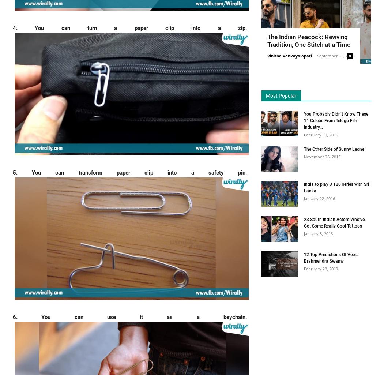 The image size is (384, 375). What do you see at coordinates (321, 156) in the screenshot?
I see `'November 25, 2015'` at bounding box center [321, 156].